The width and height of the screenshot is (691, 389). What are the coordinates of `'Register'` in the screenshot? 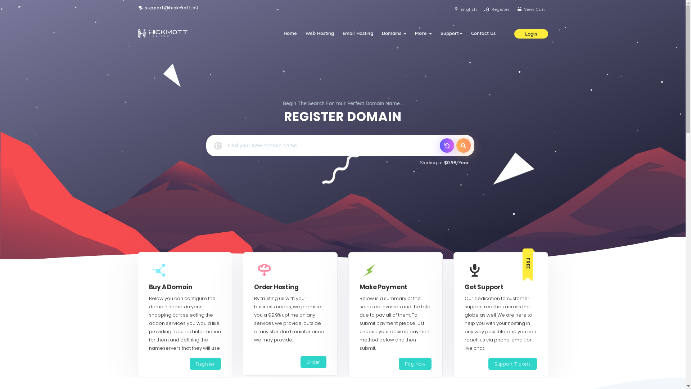 It's located at (205, 364).